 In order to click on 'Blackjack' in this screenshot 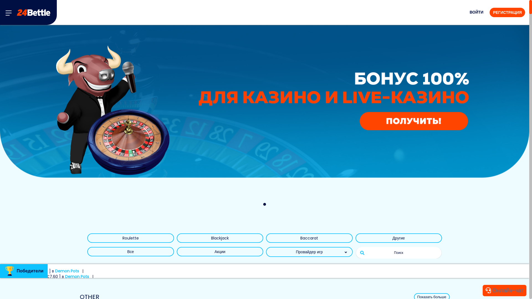, I will do `click(220, 238)`.